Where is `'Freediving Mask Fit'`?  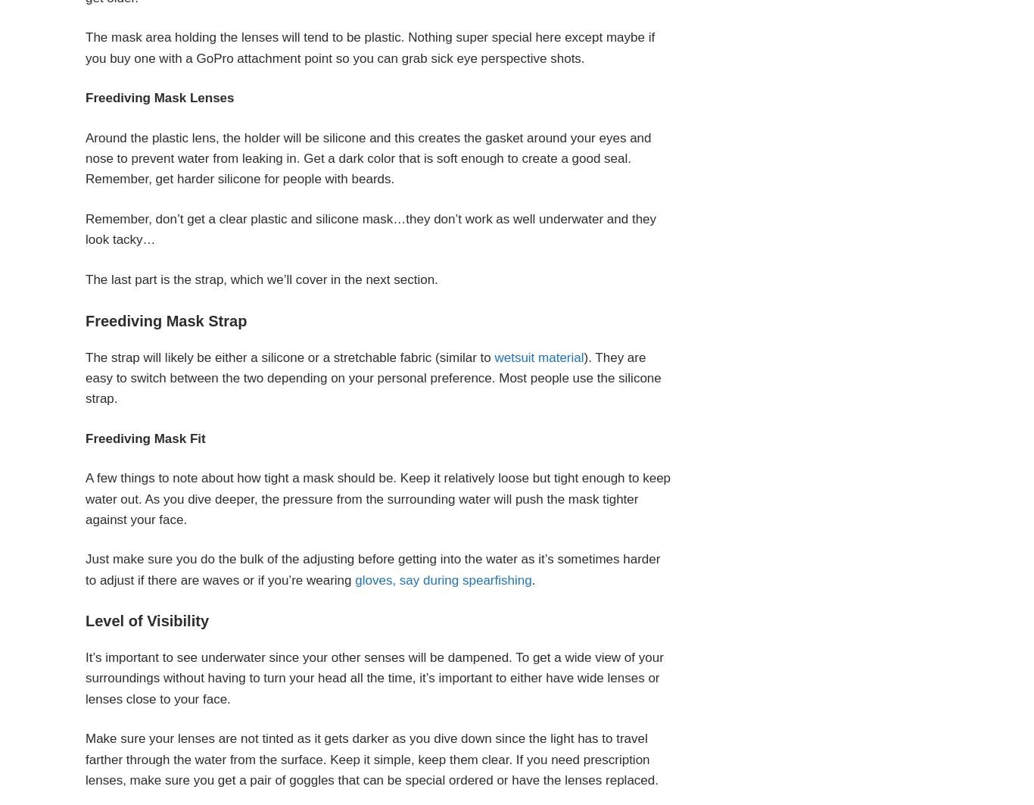
'Freediving Mask Fit' is located at coordinates (145, 437).